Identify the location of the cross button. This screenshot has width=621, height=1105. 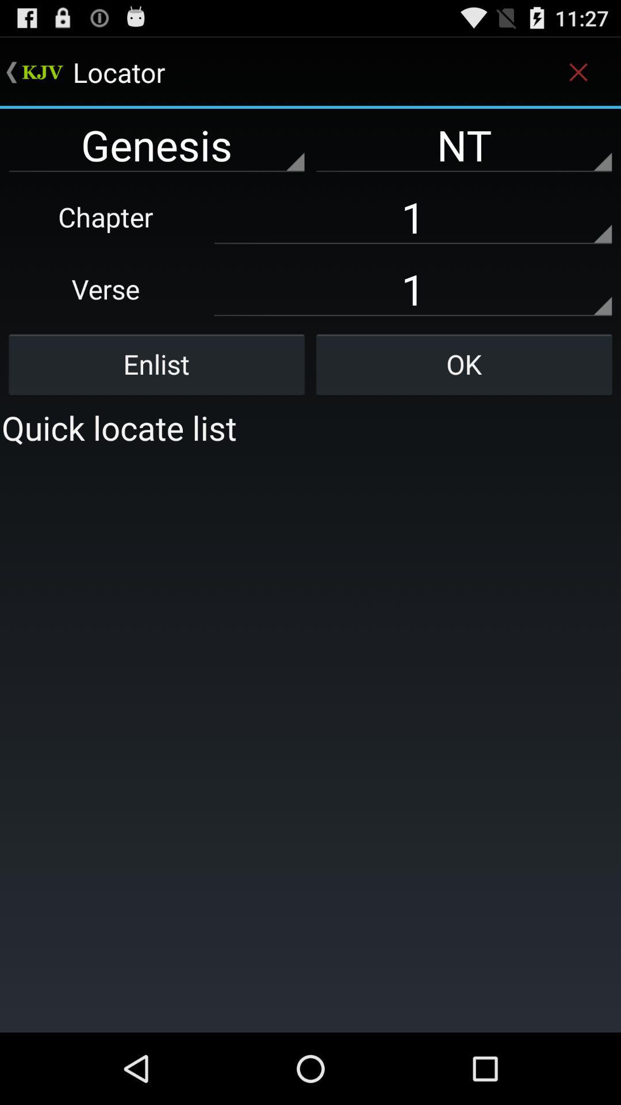
(578, 71).